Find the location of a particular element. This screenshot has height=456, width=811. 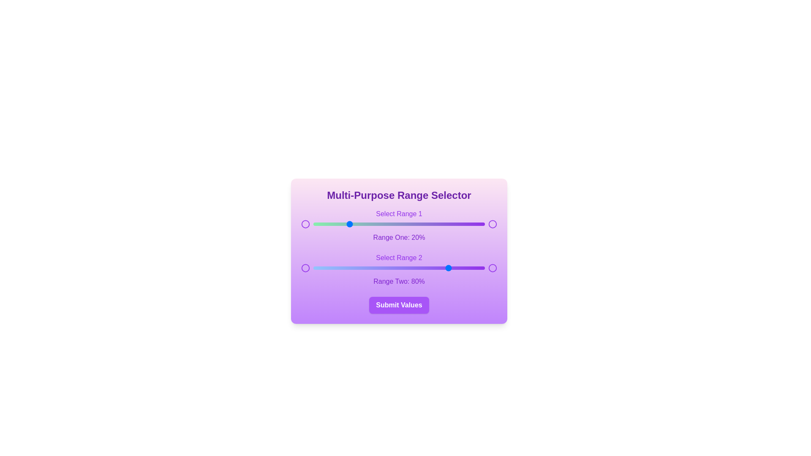

the first range slider to 11% is located at coordinates (332, 224).